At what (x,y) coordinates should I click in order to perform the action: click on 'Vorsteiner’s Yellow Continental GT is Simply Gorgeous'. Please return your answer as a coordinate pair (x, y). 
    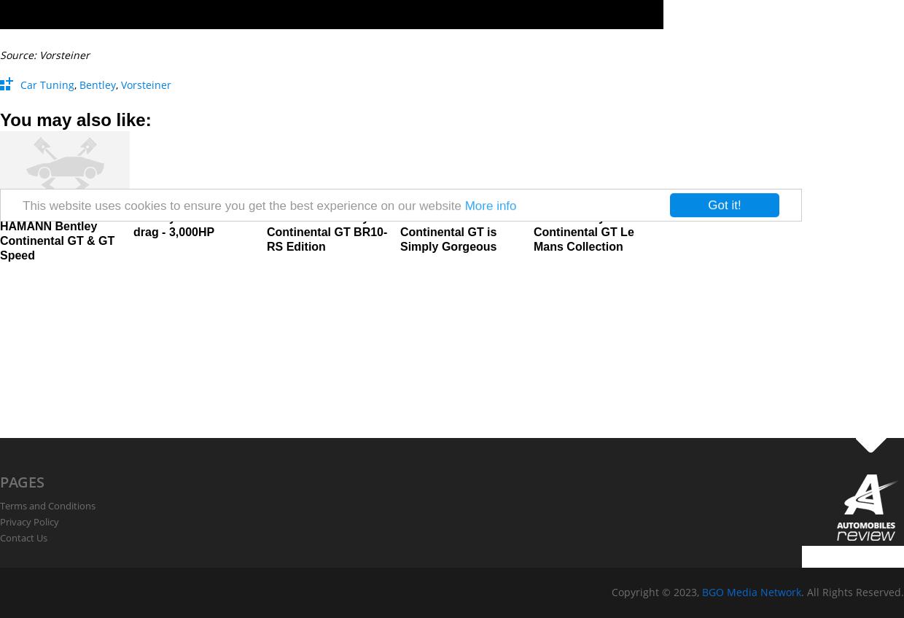
    Looking at the image, I should click on (452, 232).